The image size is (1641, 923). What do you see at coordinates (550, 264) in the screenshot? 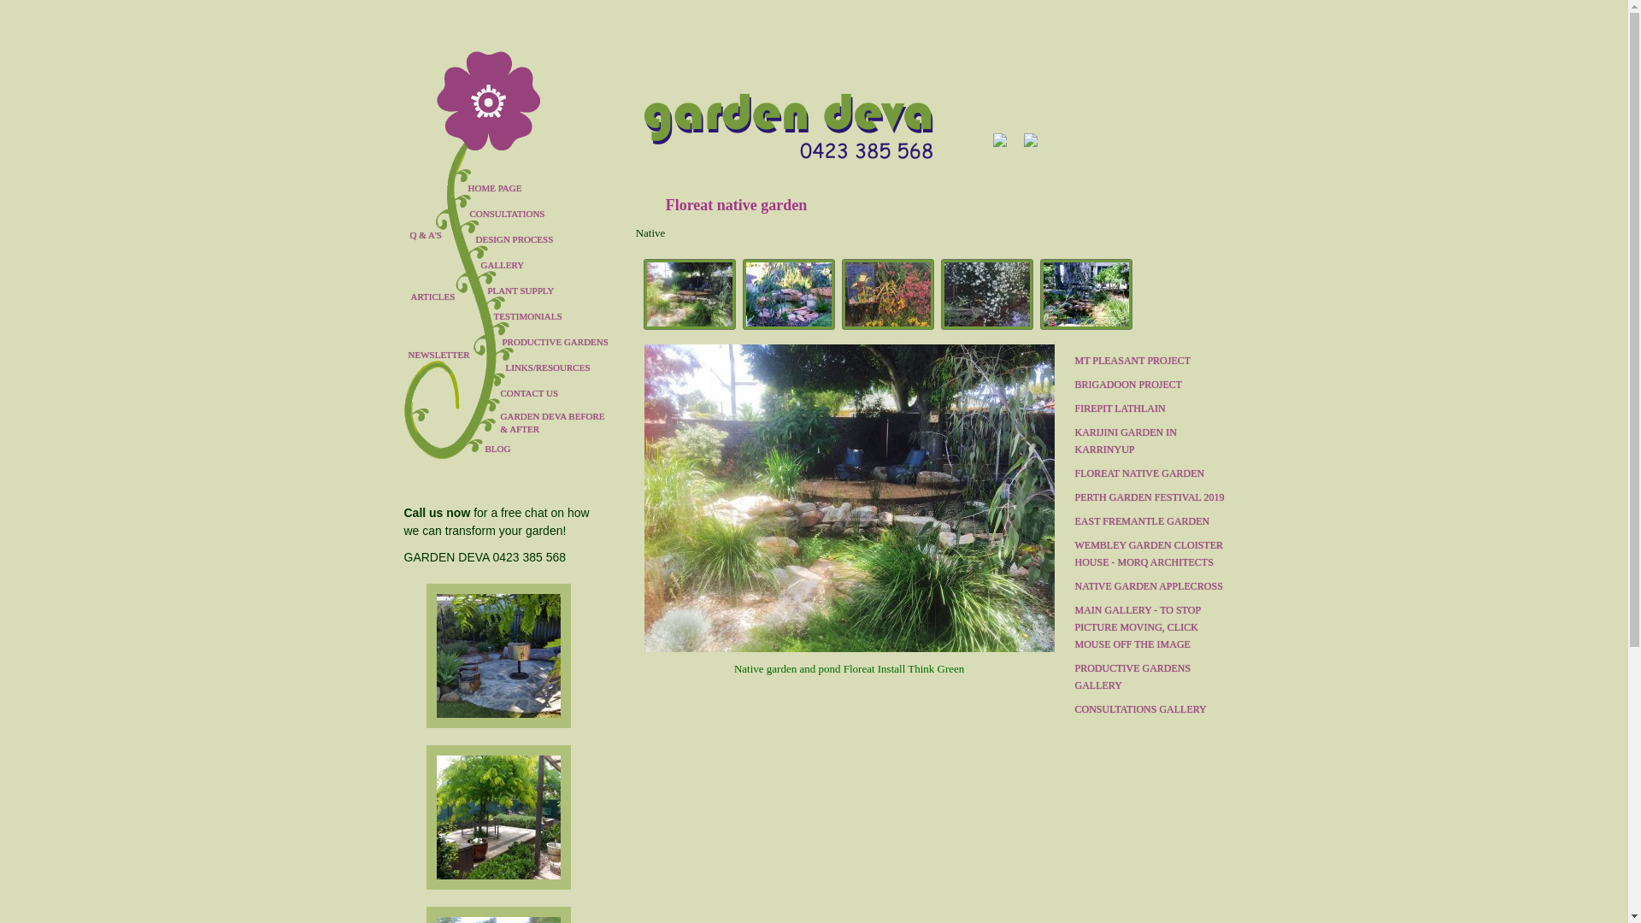
I see `'GALLERY'` at bounding box center [550, 264].